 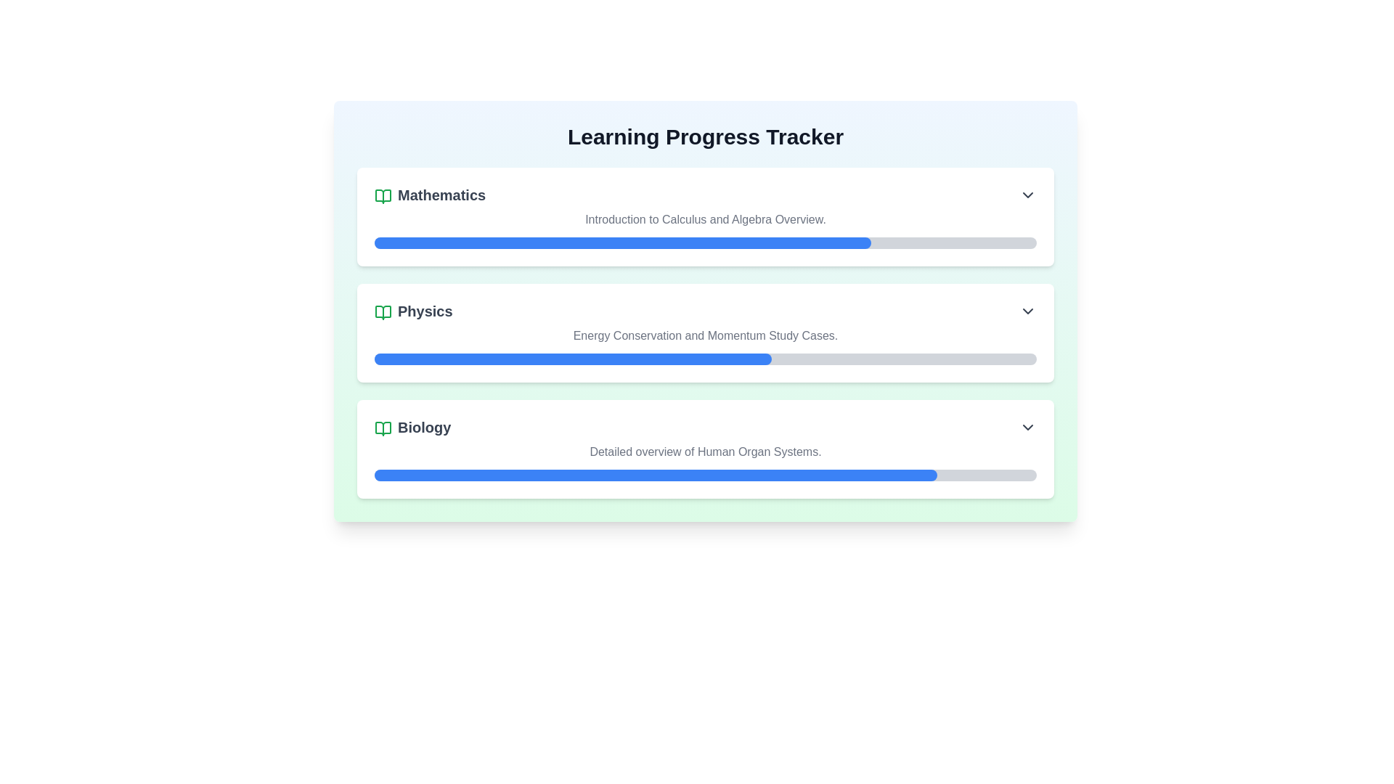 What do you see at coordinates (383, 428) in the screenshot?
I see `the open book icon, which is styled in green and located next to the text 'Biology' in the learning progress tracker` at bounding box center [383, 428].